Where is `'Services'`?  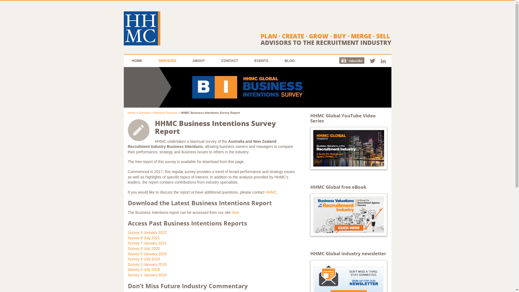 'Services' is located at coordinates (144, 112).